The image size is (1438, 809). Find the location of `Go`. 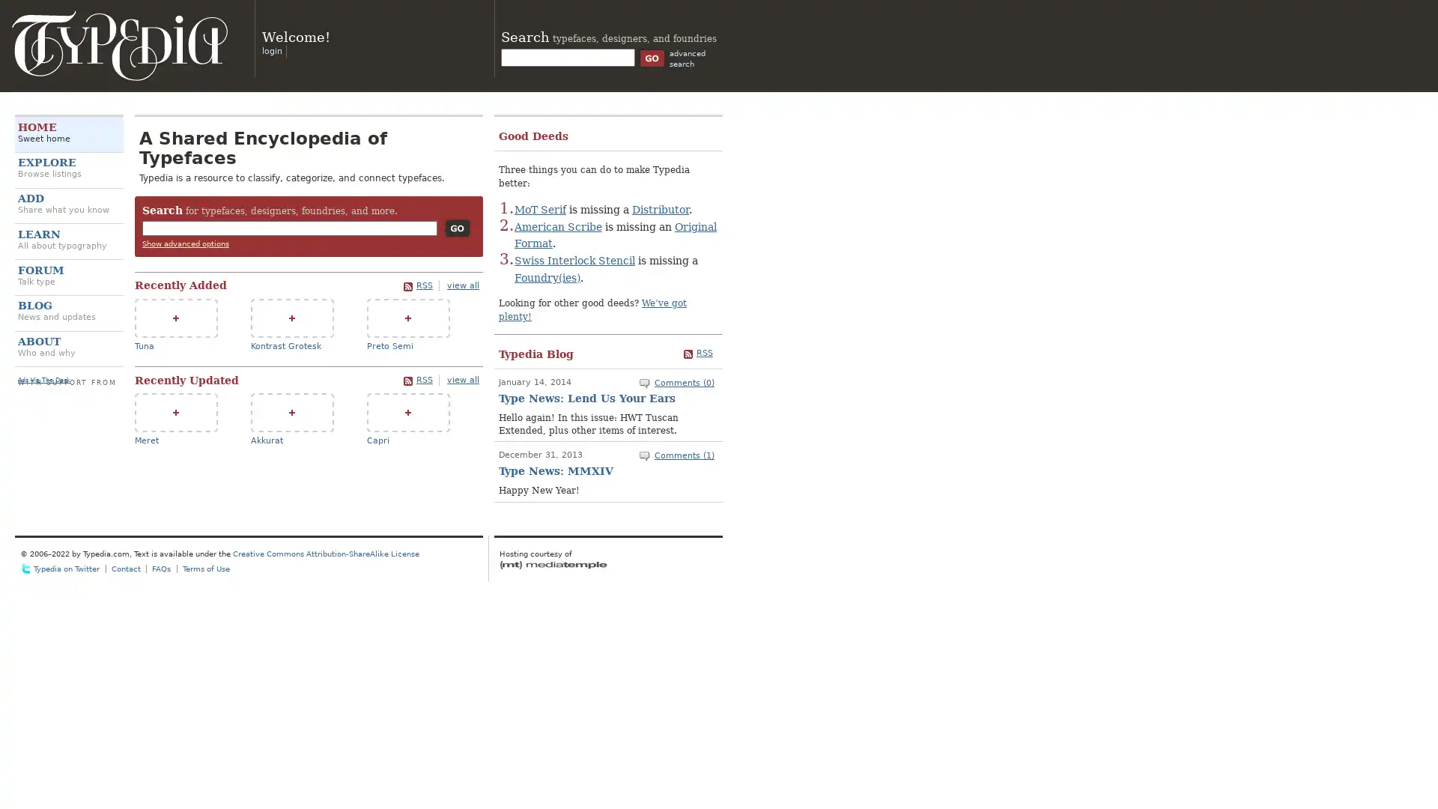

Go is located at coordinates (456, 228).